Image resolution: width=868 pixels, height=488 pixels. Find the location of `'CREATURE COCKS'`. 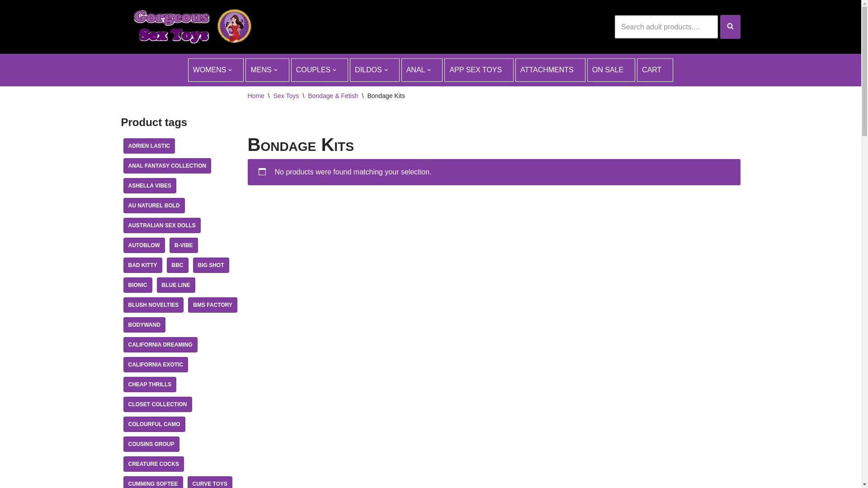

'CREATURE COCKS' is located at coordinates (153, 464).